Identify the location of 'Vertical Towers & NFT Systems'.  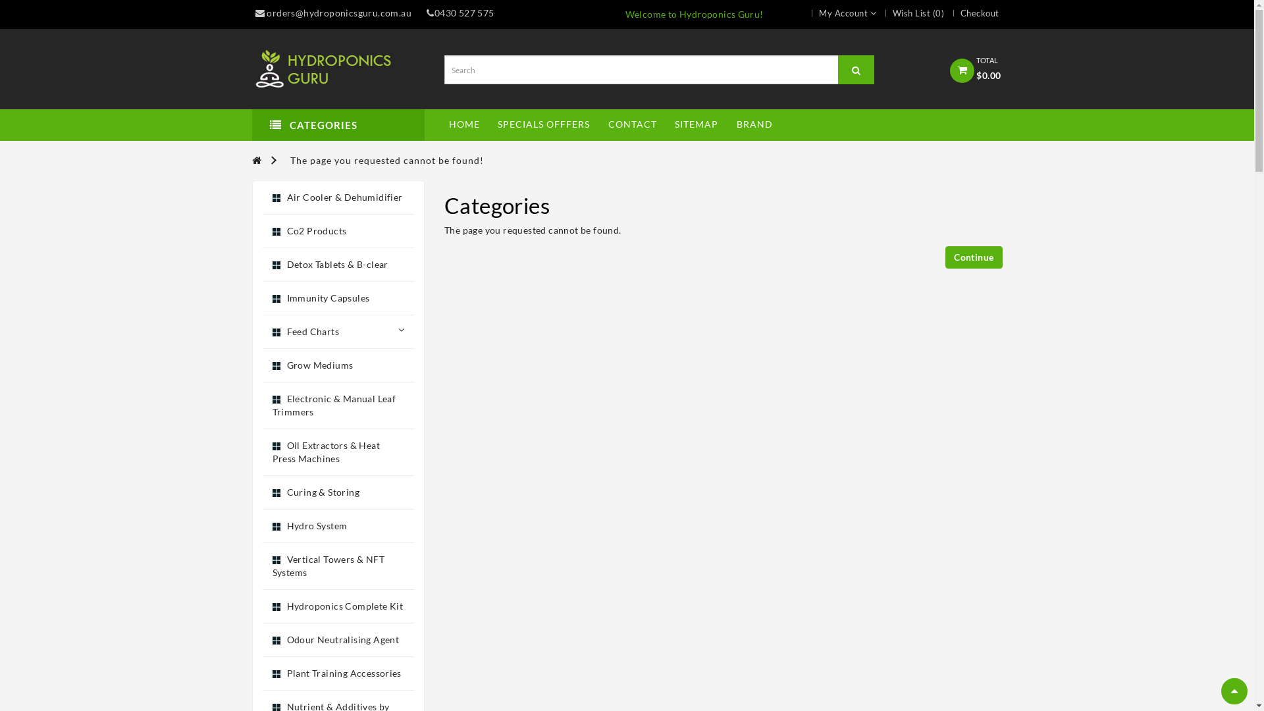
(262, 565).